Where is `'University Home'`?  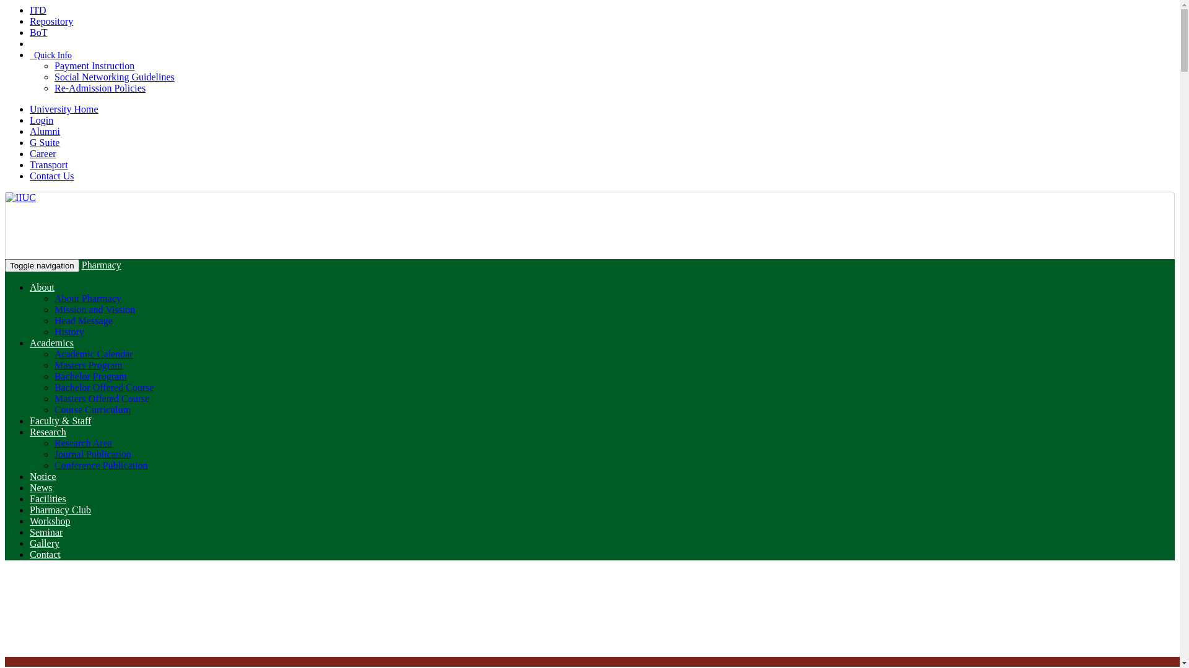
'University Home' is located at coordinates (30, 108).